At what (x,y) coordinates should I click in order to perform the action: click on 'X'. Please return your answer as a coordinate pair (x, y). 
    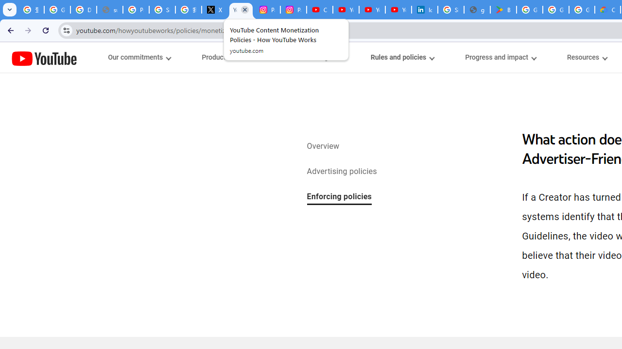
    Looking at the image, I should click on (214, 10).